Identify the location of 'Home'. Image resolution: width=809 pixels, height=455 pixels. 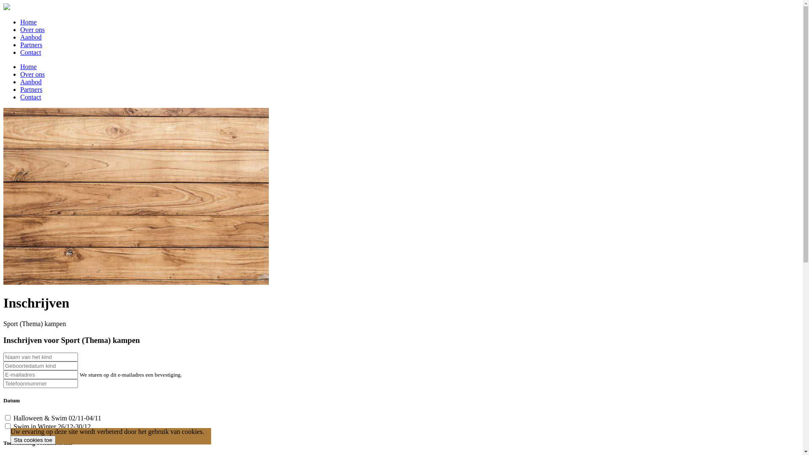
(20, 21).